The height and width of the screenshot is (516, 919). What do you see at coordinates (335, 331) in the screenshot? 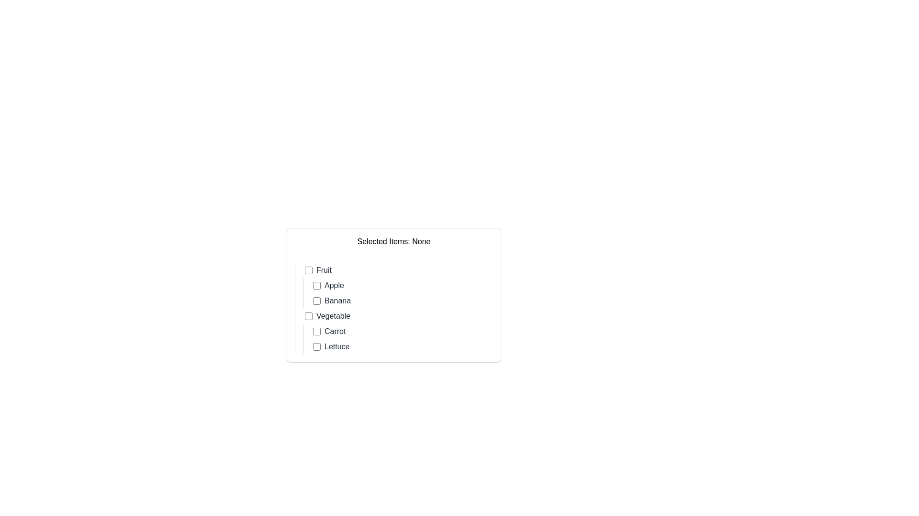
I see `the text label that describes the item 'Carrot', which is located under the 'Vegetable' category and is associated with a checkbox` at bounding box center [335, 331].